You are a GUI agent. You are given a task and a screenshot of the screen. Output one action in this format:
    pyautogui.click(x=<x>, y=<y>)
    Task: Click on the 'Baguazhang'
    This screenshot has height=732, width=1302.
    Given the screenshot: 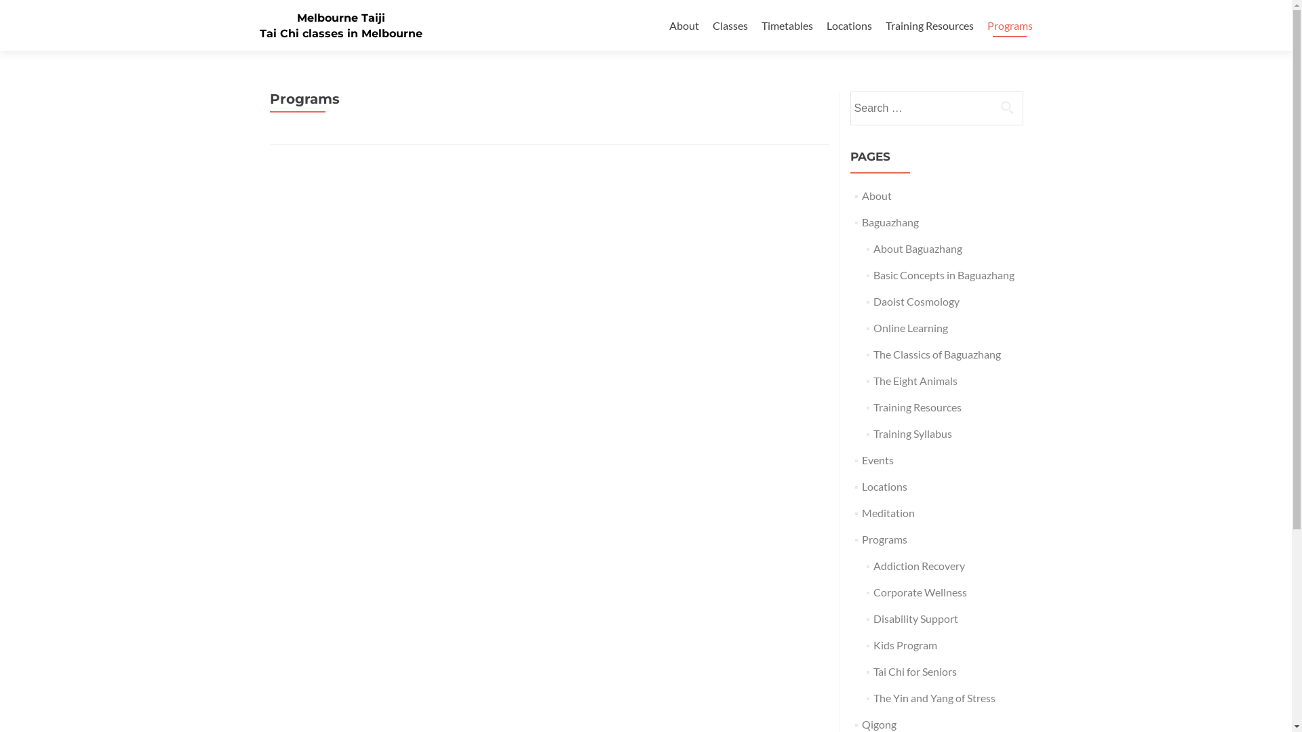 What is the action you would take?
    pyautogui.click(x=890, y=221)
    